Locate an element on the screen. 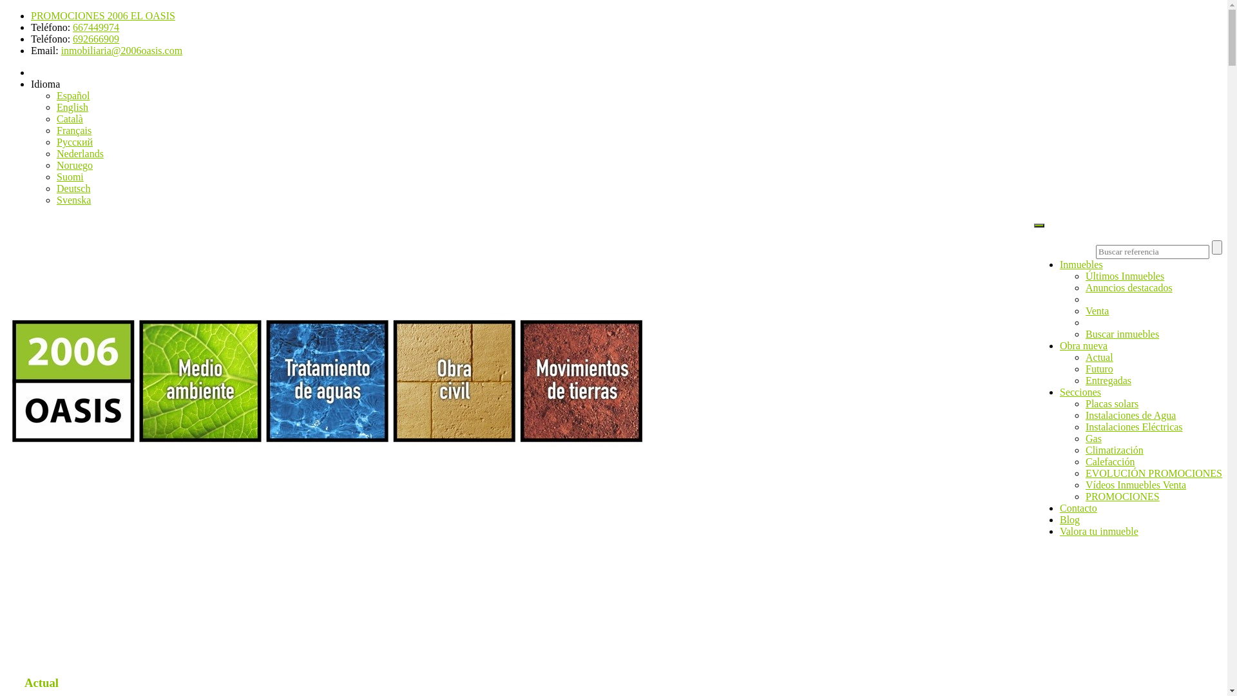 This screenshot has height=696, width=1237. 'Blog' is located at coordinates (1069, 519).